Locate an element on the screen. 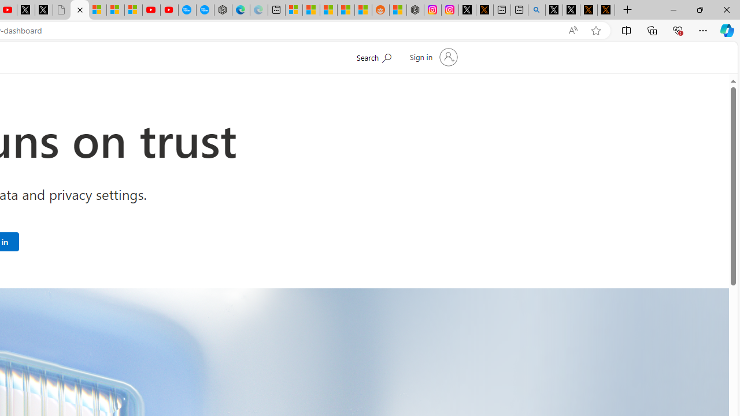 The image size is (740, 416). 'Shanghai, China Weather trends | Microsoft Weather' is located at coordinates (362, 10).